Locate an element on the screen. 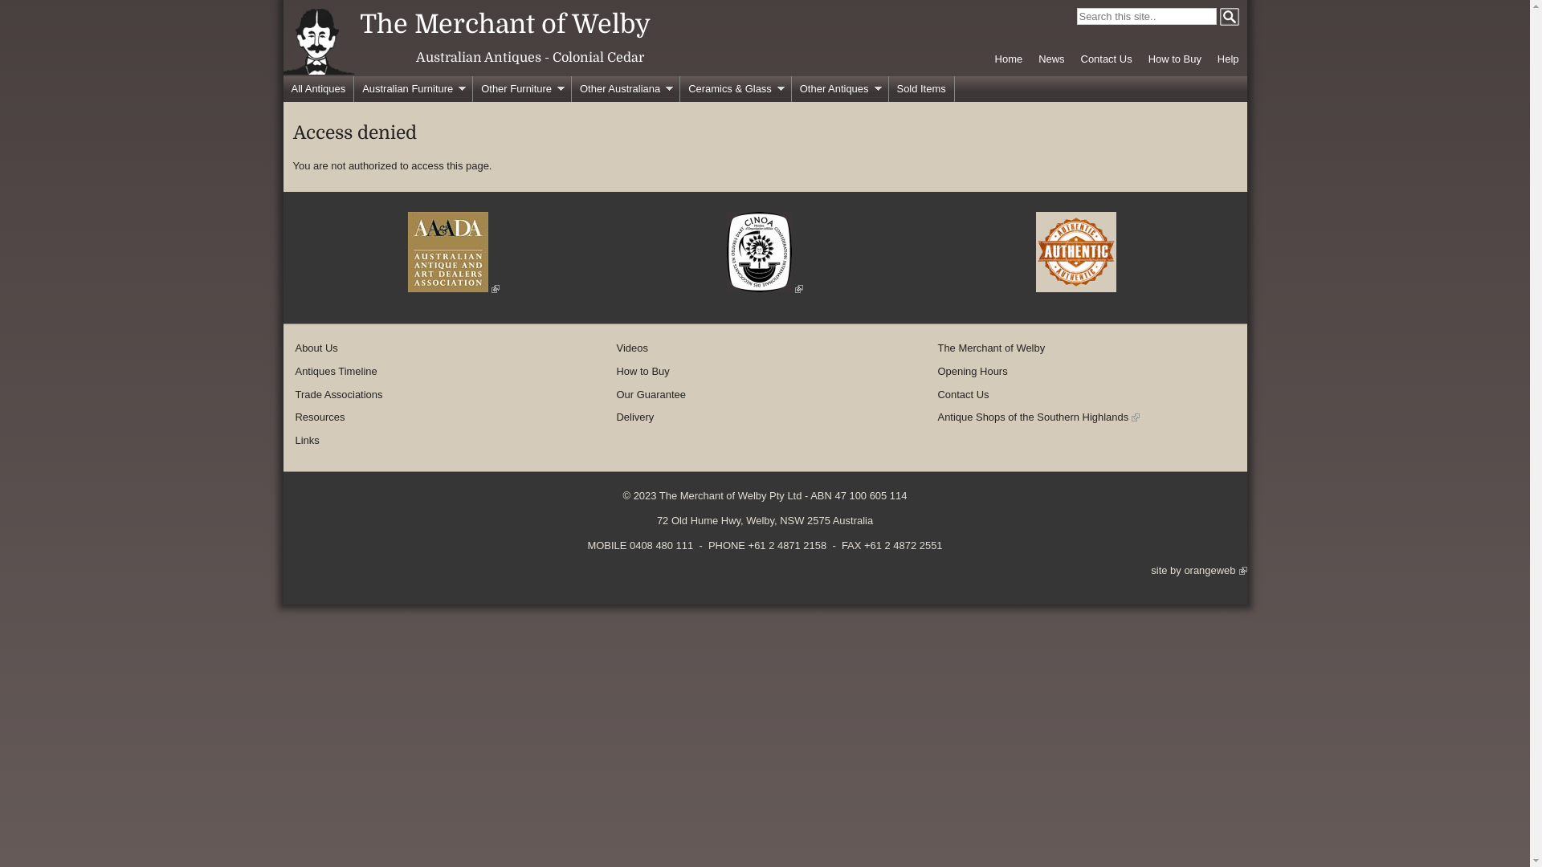  'Home' is located at coordinates (1008, 58).